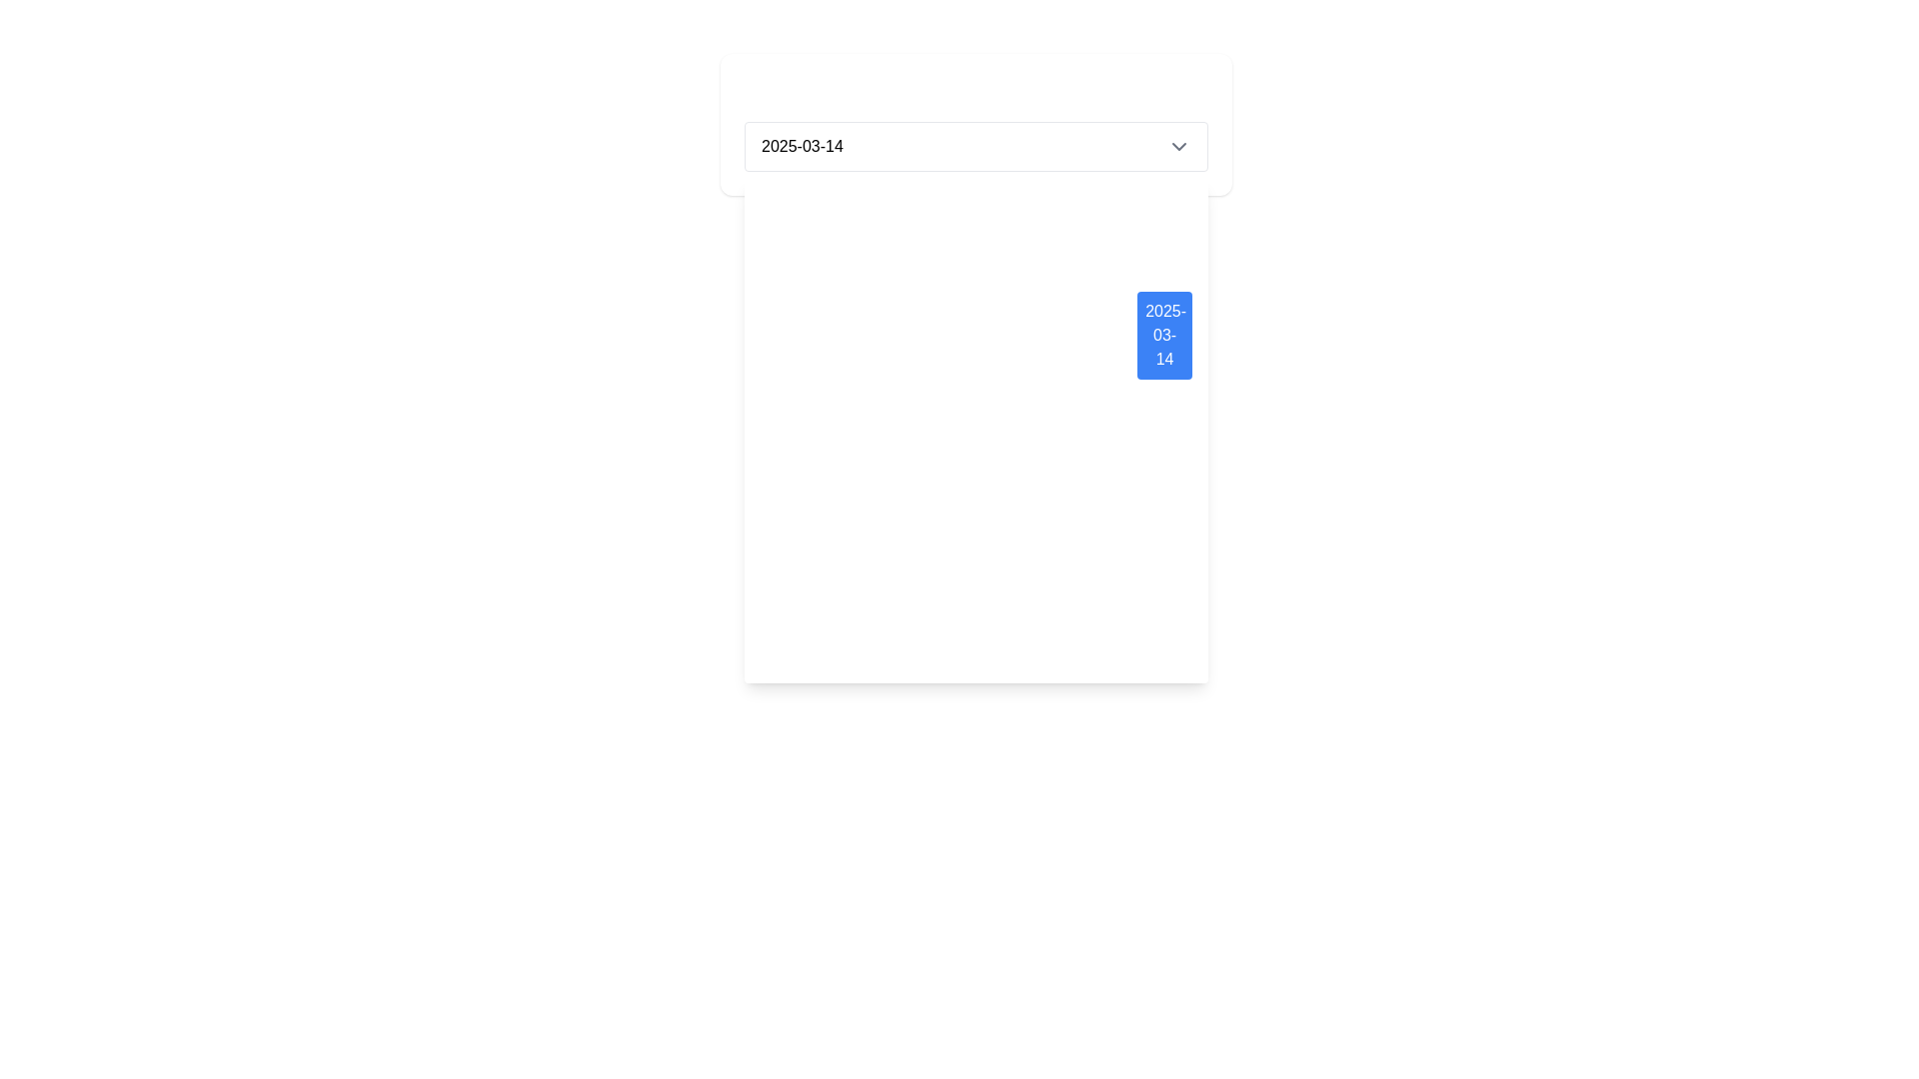  Describe the element at coordinates (976, 124) in the screenshot. I see `the dropdown menu at the top of the modal interface` at that location.